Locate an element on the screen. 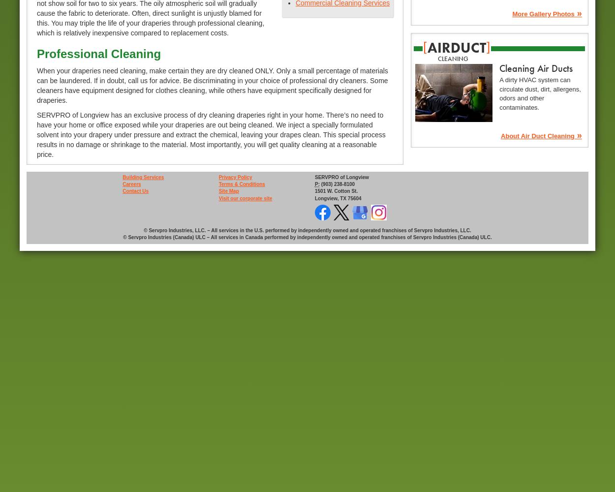 The width and height of the screenshot is (615, 492). 'A dirty HVAC system can circulate dust, dirt, allergens, odors and other contaminates.' is located at coordinates (539, 93).